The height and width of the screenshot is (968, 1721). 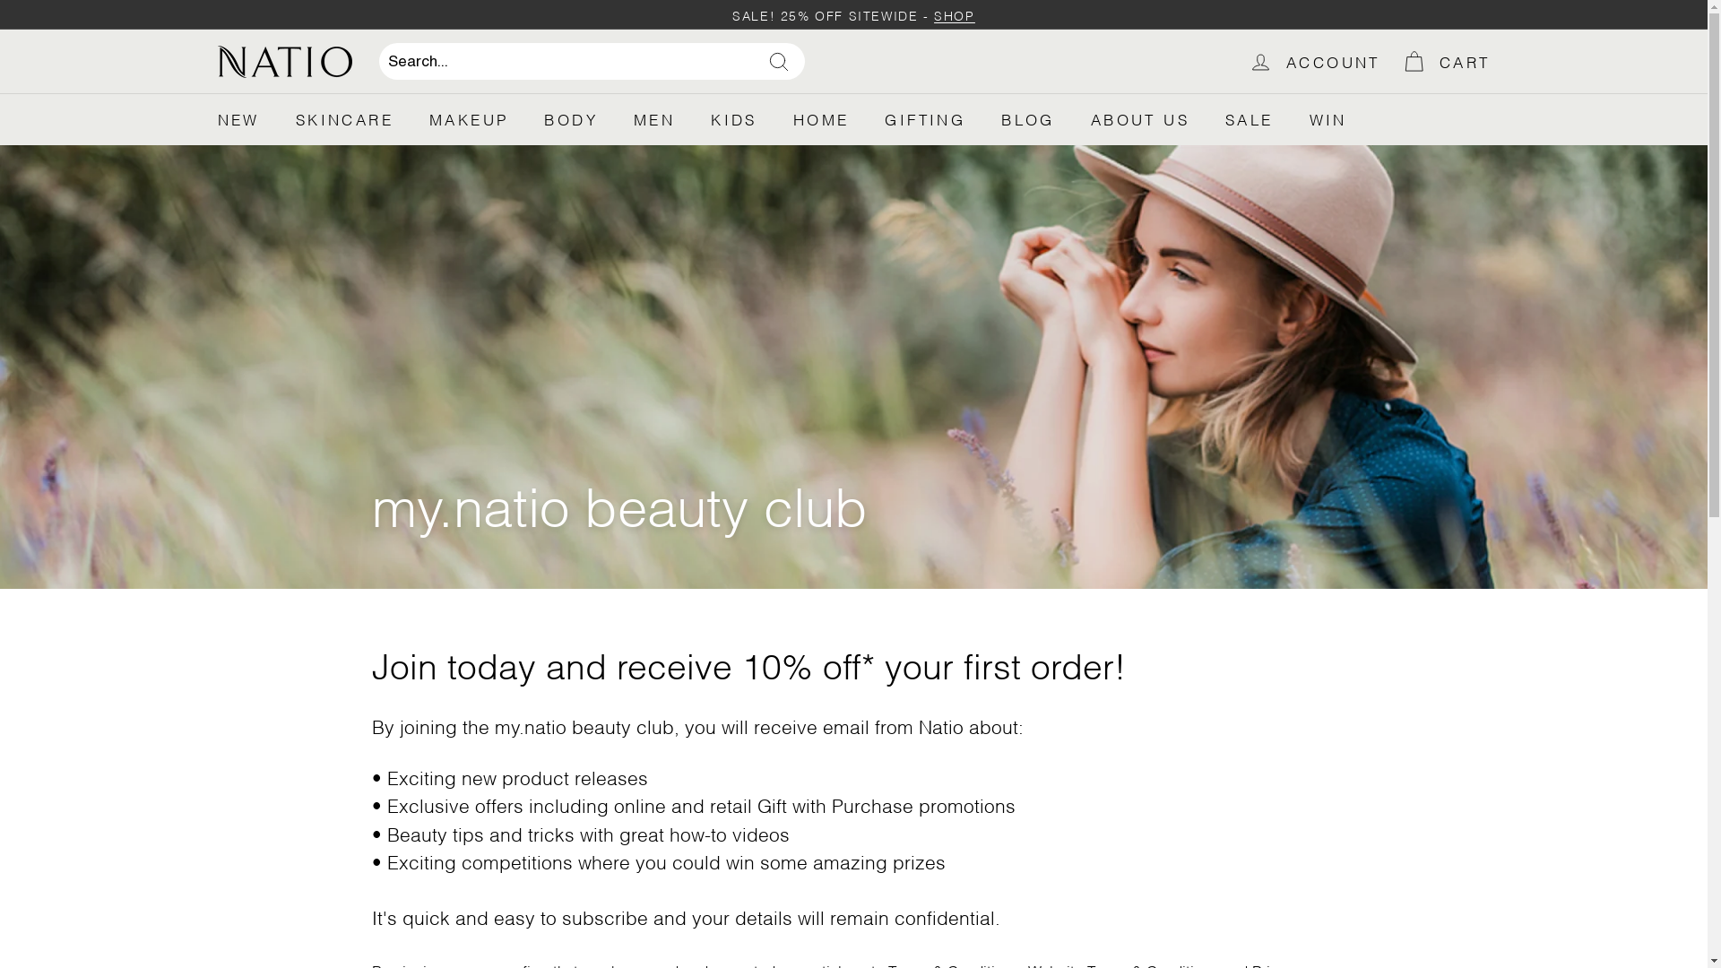 What do you see at coordinates (615, 118) in the screenshot?
I see `'MEN'` at bounding box center [615, 118].